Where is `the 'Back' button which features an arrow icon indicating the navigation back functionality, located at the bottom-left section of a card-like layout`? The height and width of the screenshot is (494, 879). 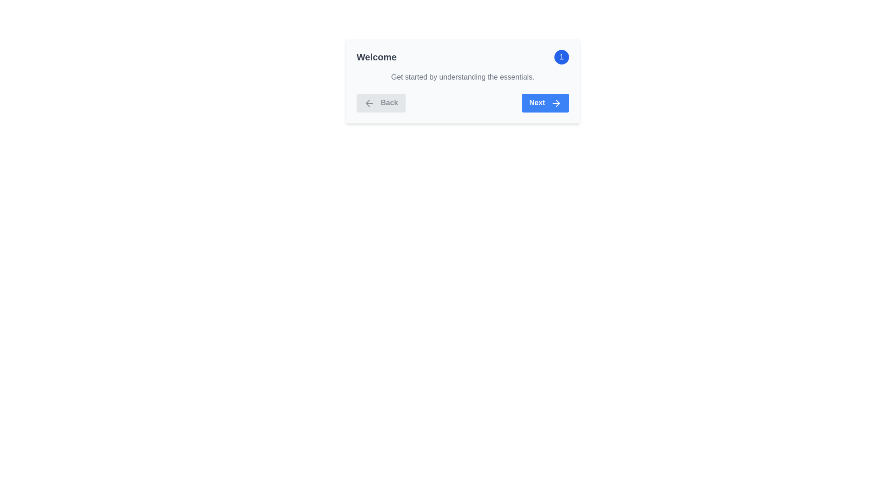 the 'Back' button which features an arrow icon indicating the navigation back functionality, located at the bottom-left section of a card-like layout is located at coordinates (369, 103).